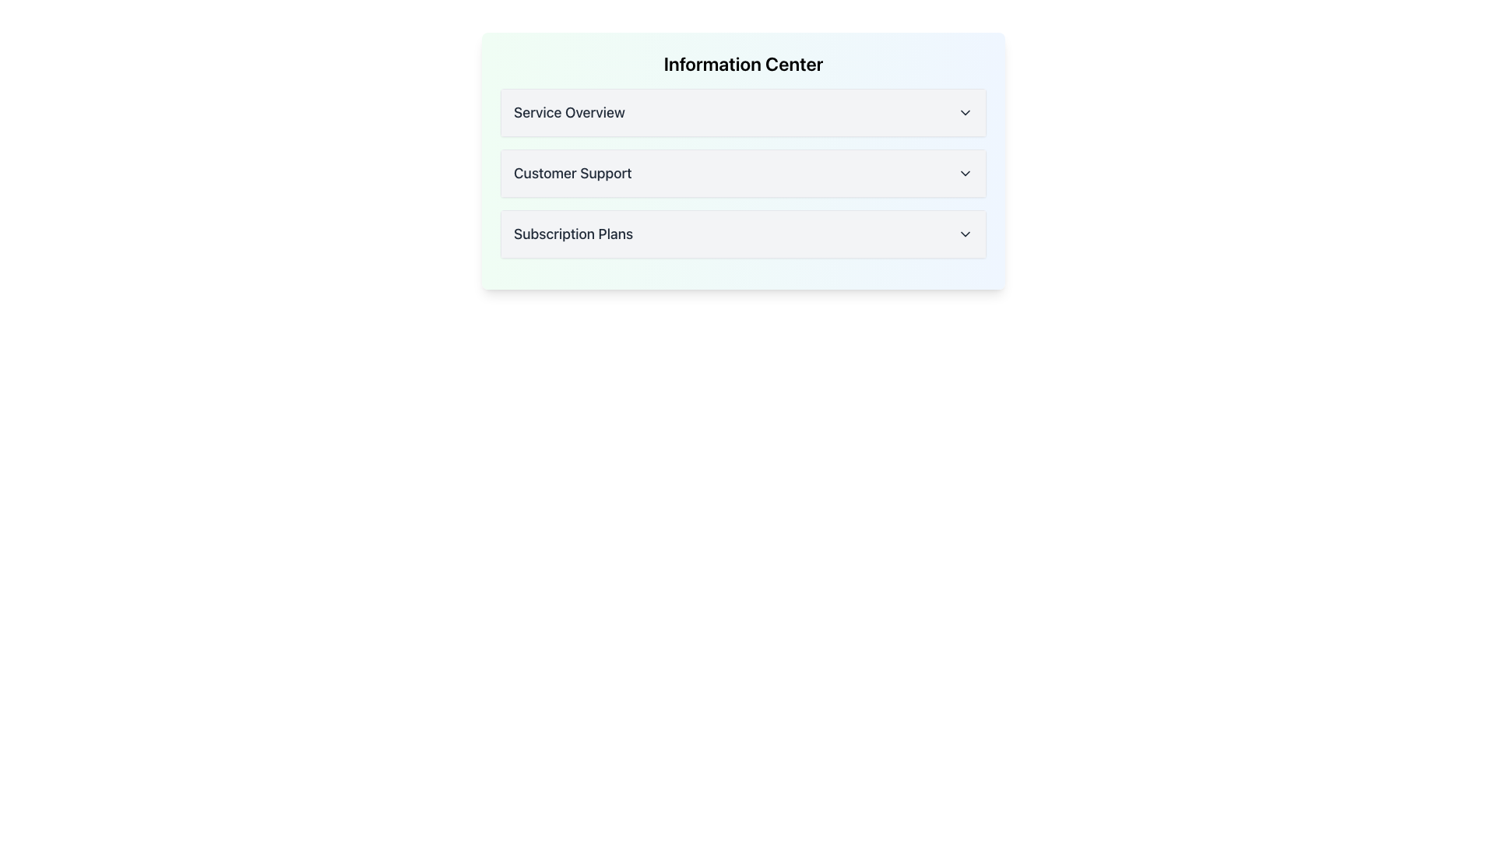  What do you see at coordinates (964, 234) in the screenshot?
I see `the downward-pointing chevron icon located on the far right of the 'Subscription Plans' item in the third row` at bounding box center [964, 234].